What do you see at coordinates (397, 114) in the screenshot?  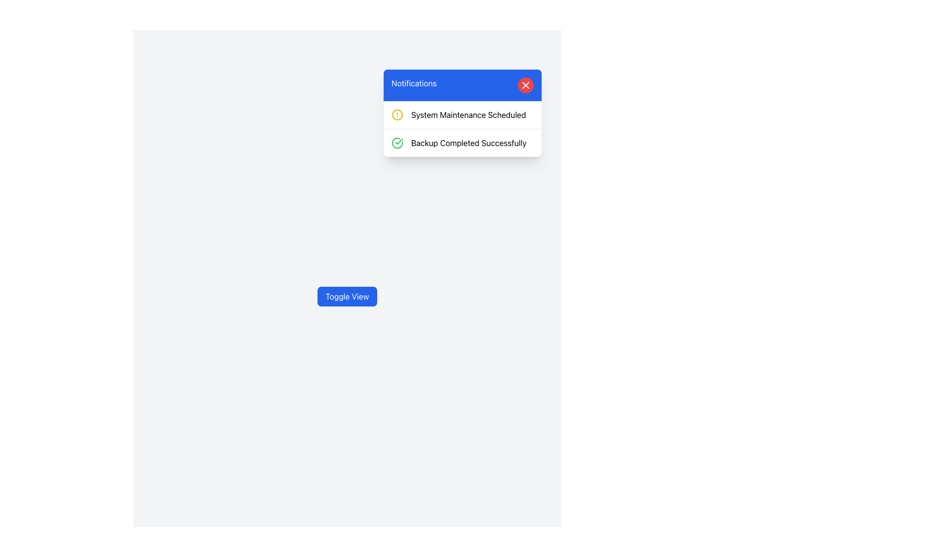 I see `the circular graphical component of the notification icon, which has a yellow border and is located next to the text 'System Maintenance Scheduled' in the notification list` at bounding box center [397, 114].